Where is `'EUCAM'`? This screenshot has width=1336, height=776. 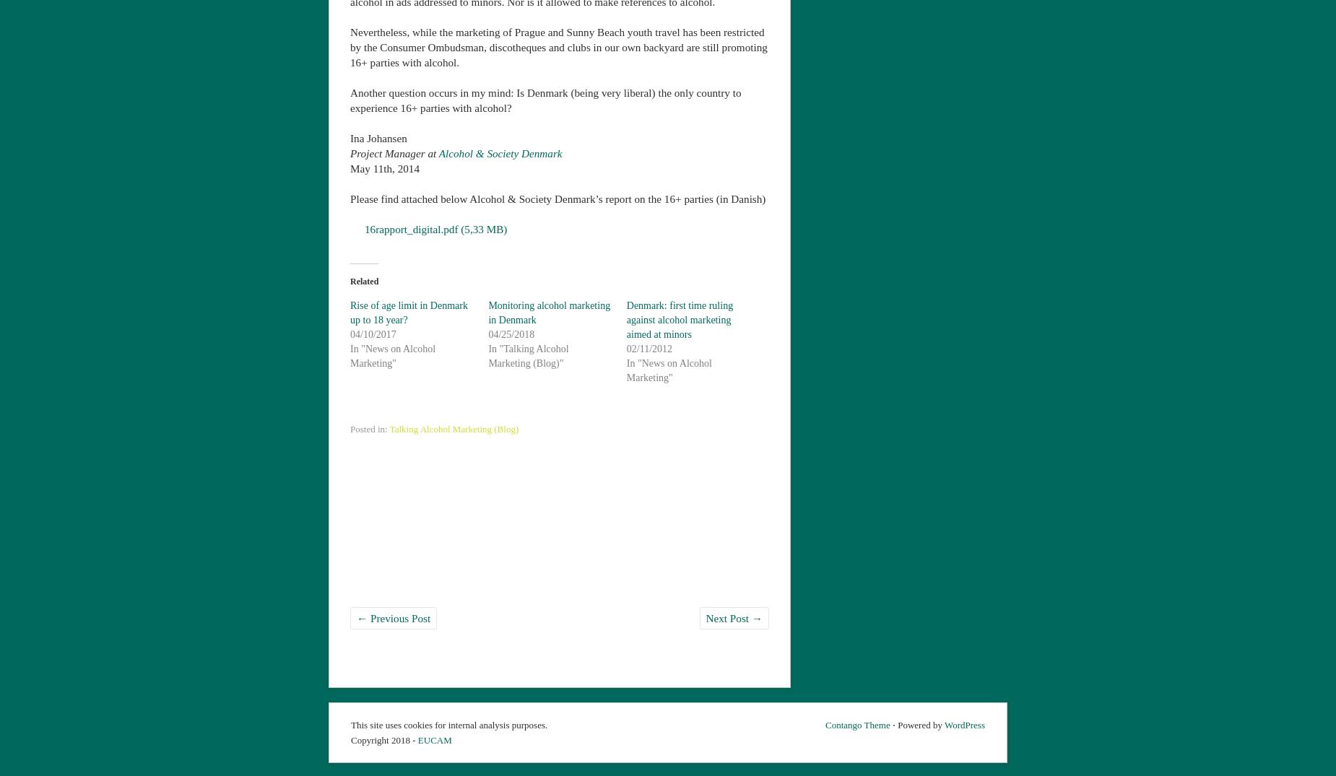 'EUCAM' is located at coordinates (434, 738).